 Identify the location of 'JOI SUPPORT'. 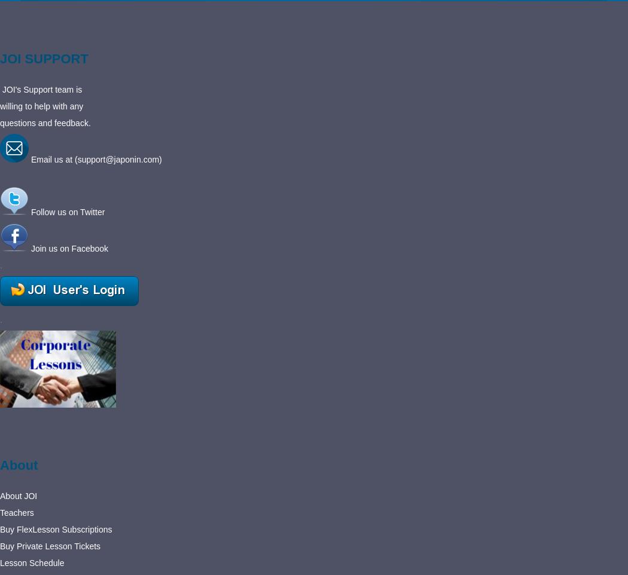
(43, 58).